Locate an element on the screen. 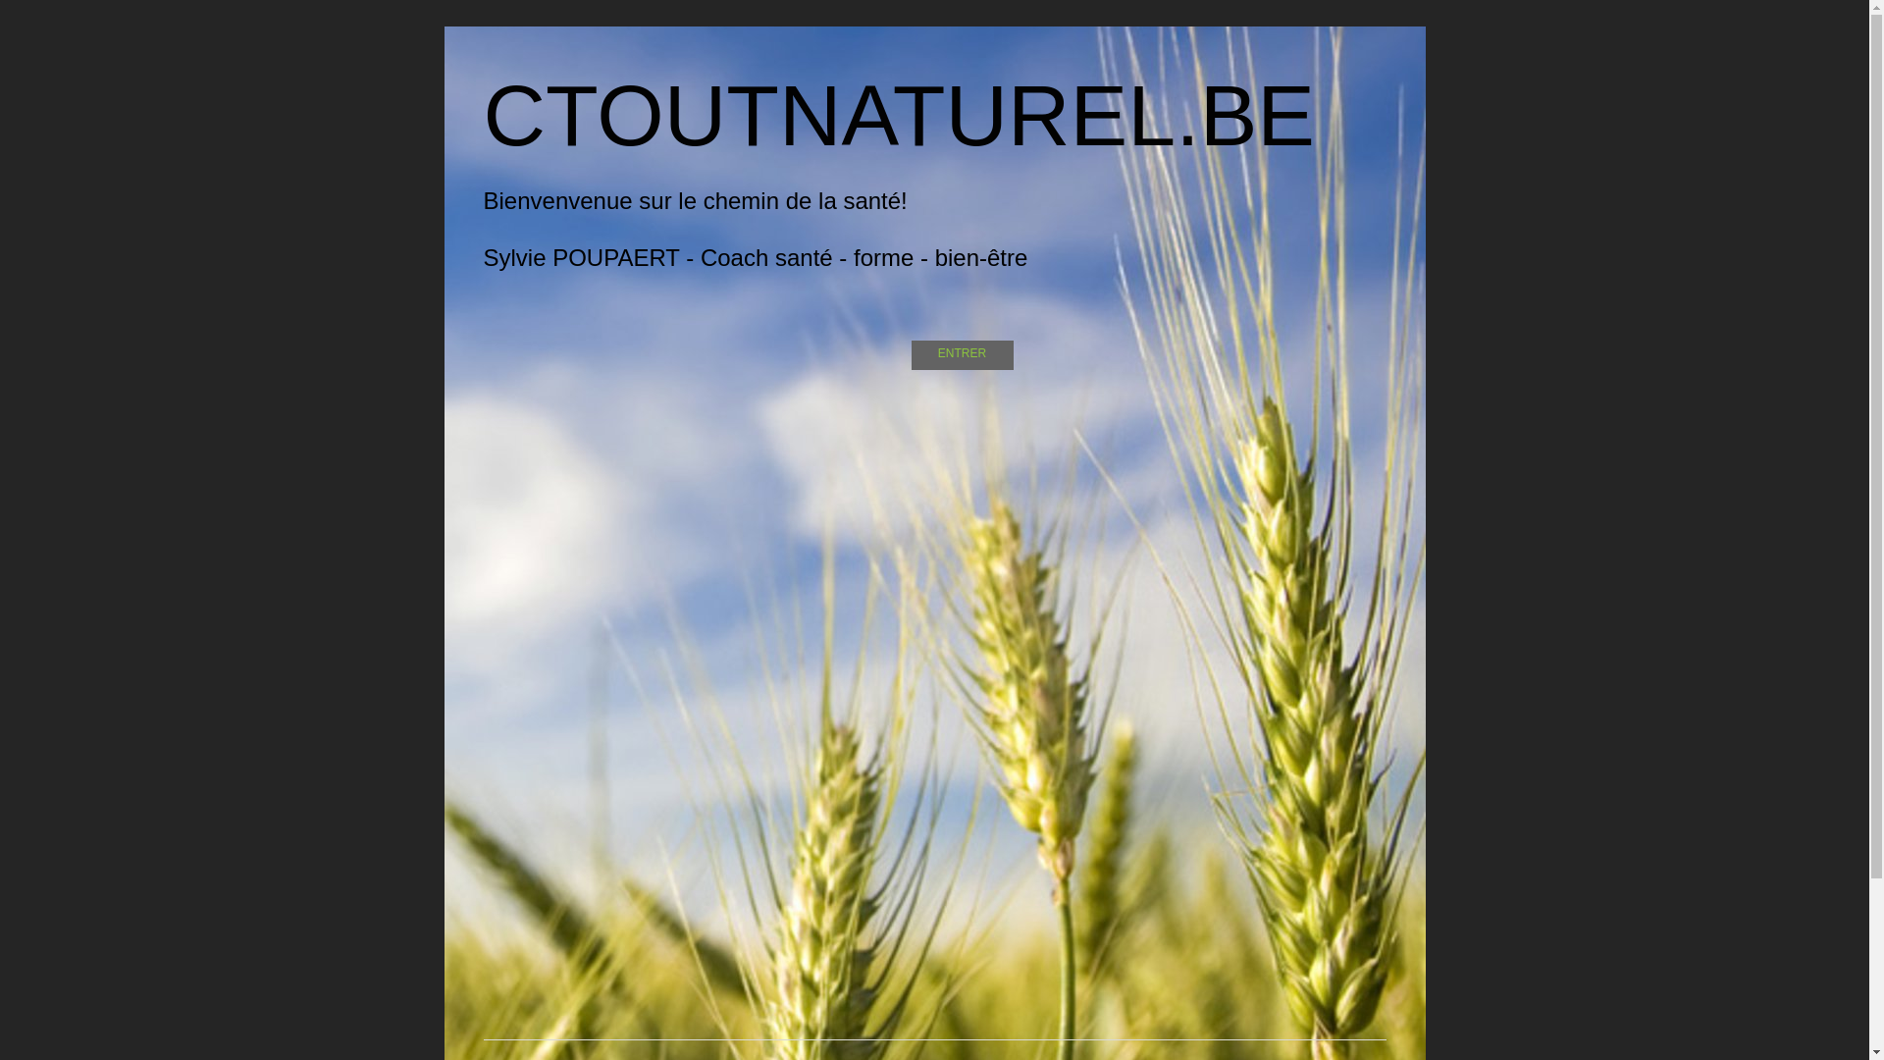 The height and width of the screenshot is (1060, 1884). 'ENTRER' is located at coordinates (962, 351).